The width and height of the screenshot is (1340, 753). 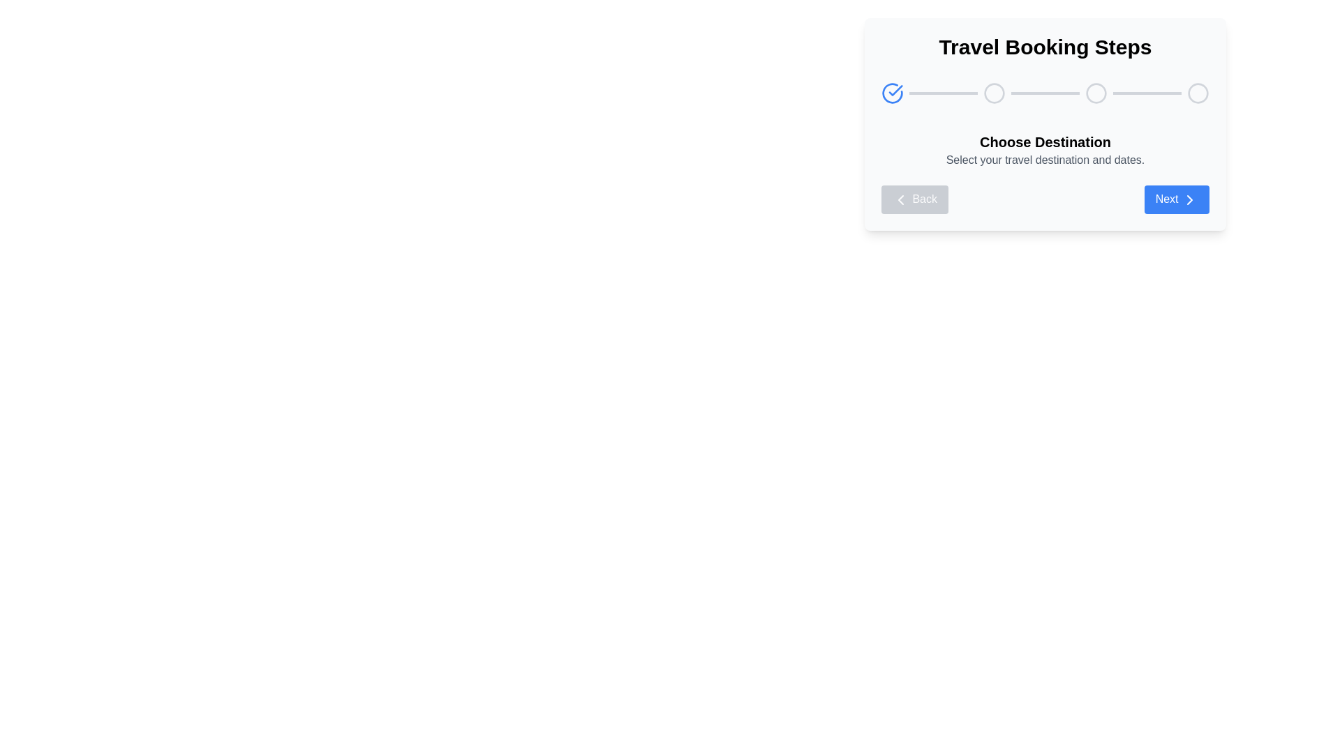 I want to click on the progress bar with step indicators located centrally below the 'Travel Booking Steps' heading and above the 'Choose Destination' section, so click(x=1045, y=93).